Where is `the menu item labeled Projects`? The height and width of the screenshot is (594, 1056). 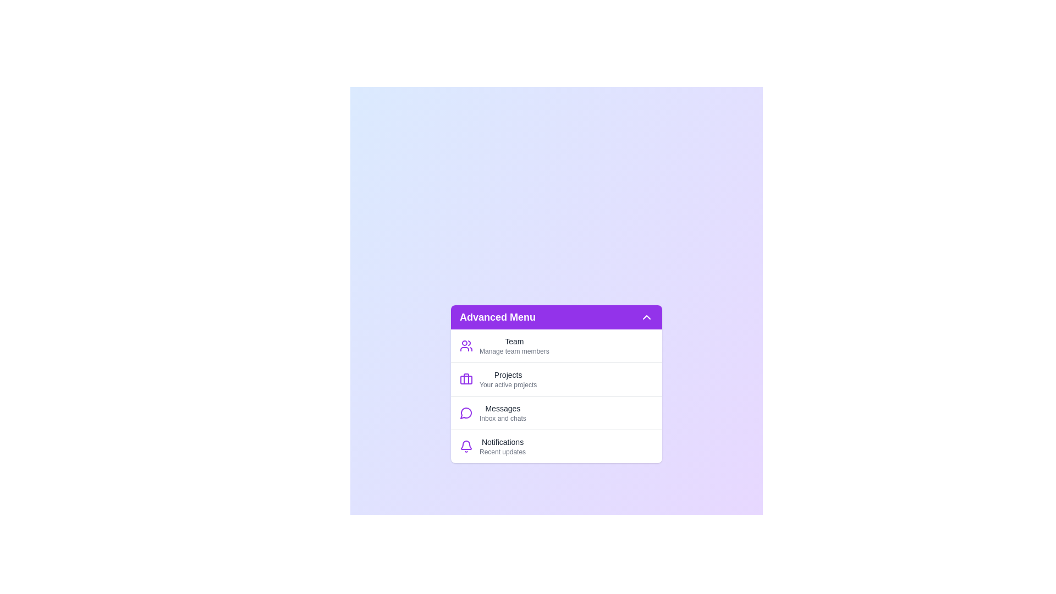 the menu item labeled Projects is located at coordinates (557, 378).